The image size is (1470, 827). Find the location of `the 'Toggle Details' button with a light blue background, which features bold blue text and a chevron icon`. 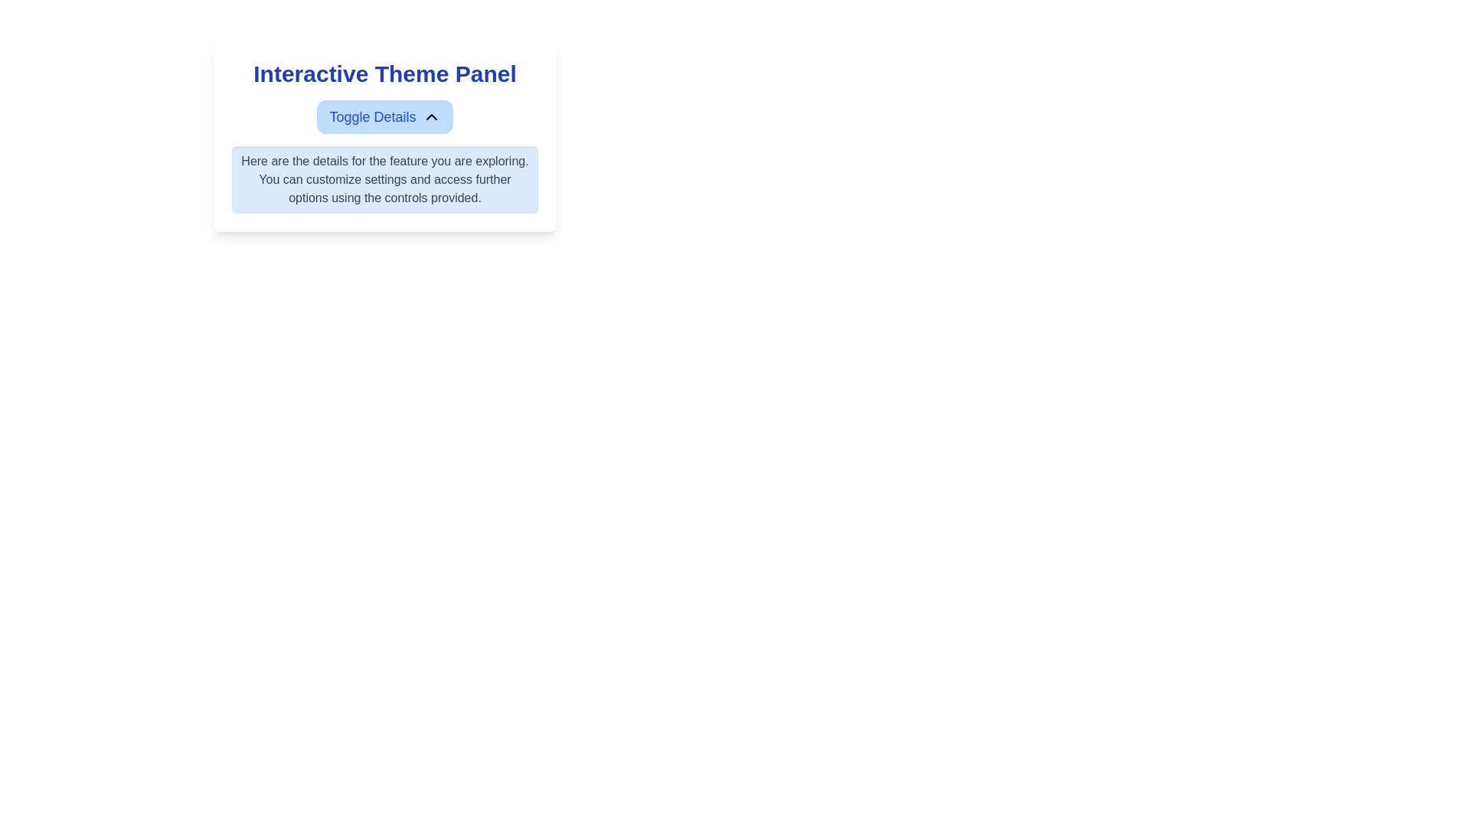

the 'Toggle Details' button with a light blue background, which features bold blue text and a chevron icon is located at coordinates (385, 116).